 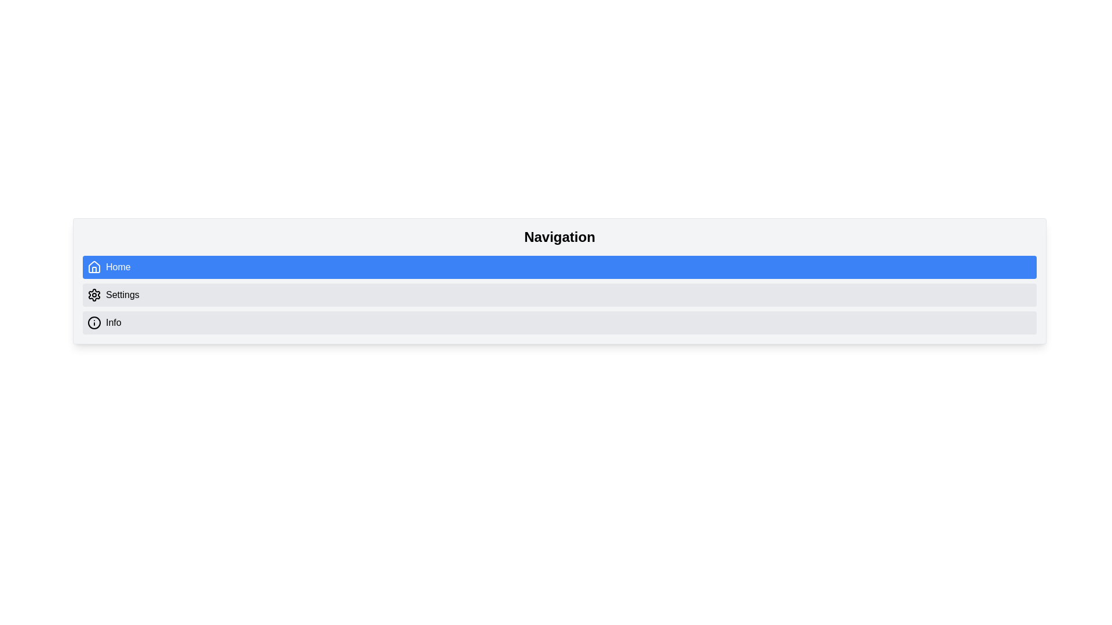 I want to click on the 'Home' icon in the topmost navigation menu, which visually represents the home navigation option, so click(x=94, y=267).